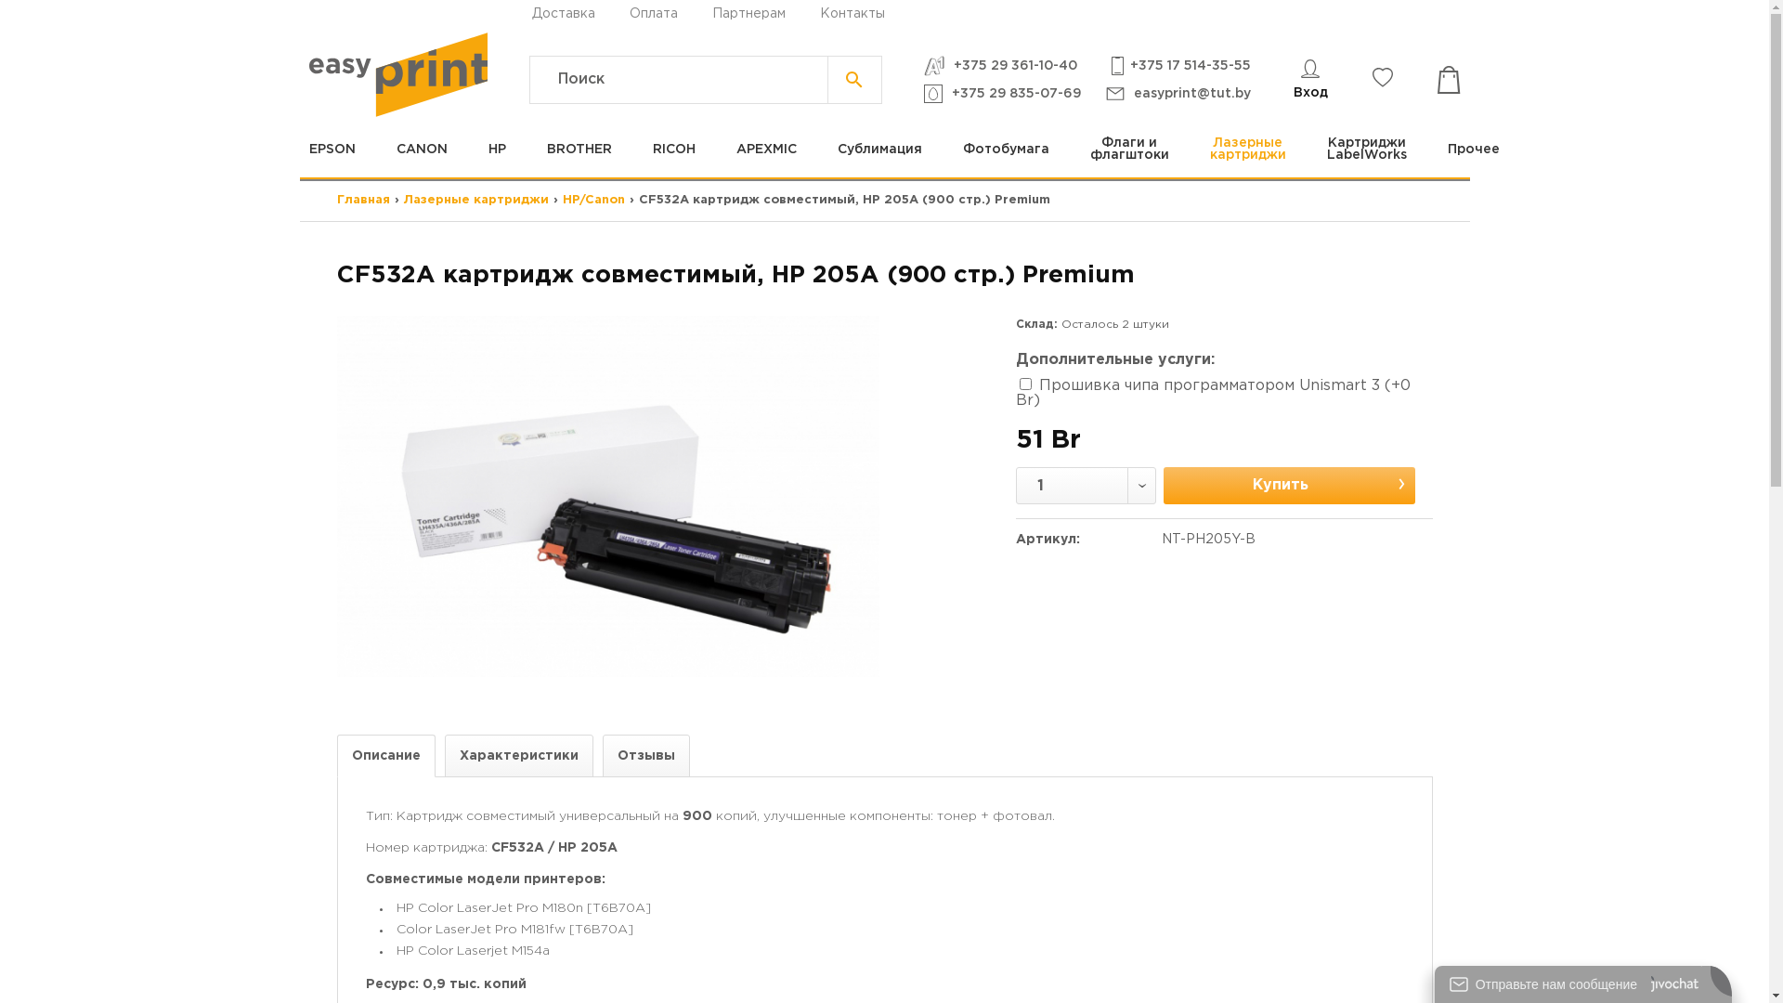  What do you see at coordinates (468, 148) in the screenshot?
I see `'HP'` at bounding box center [468, 148].